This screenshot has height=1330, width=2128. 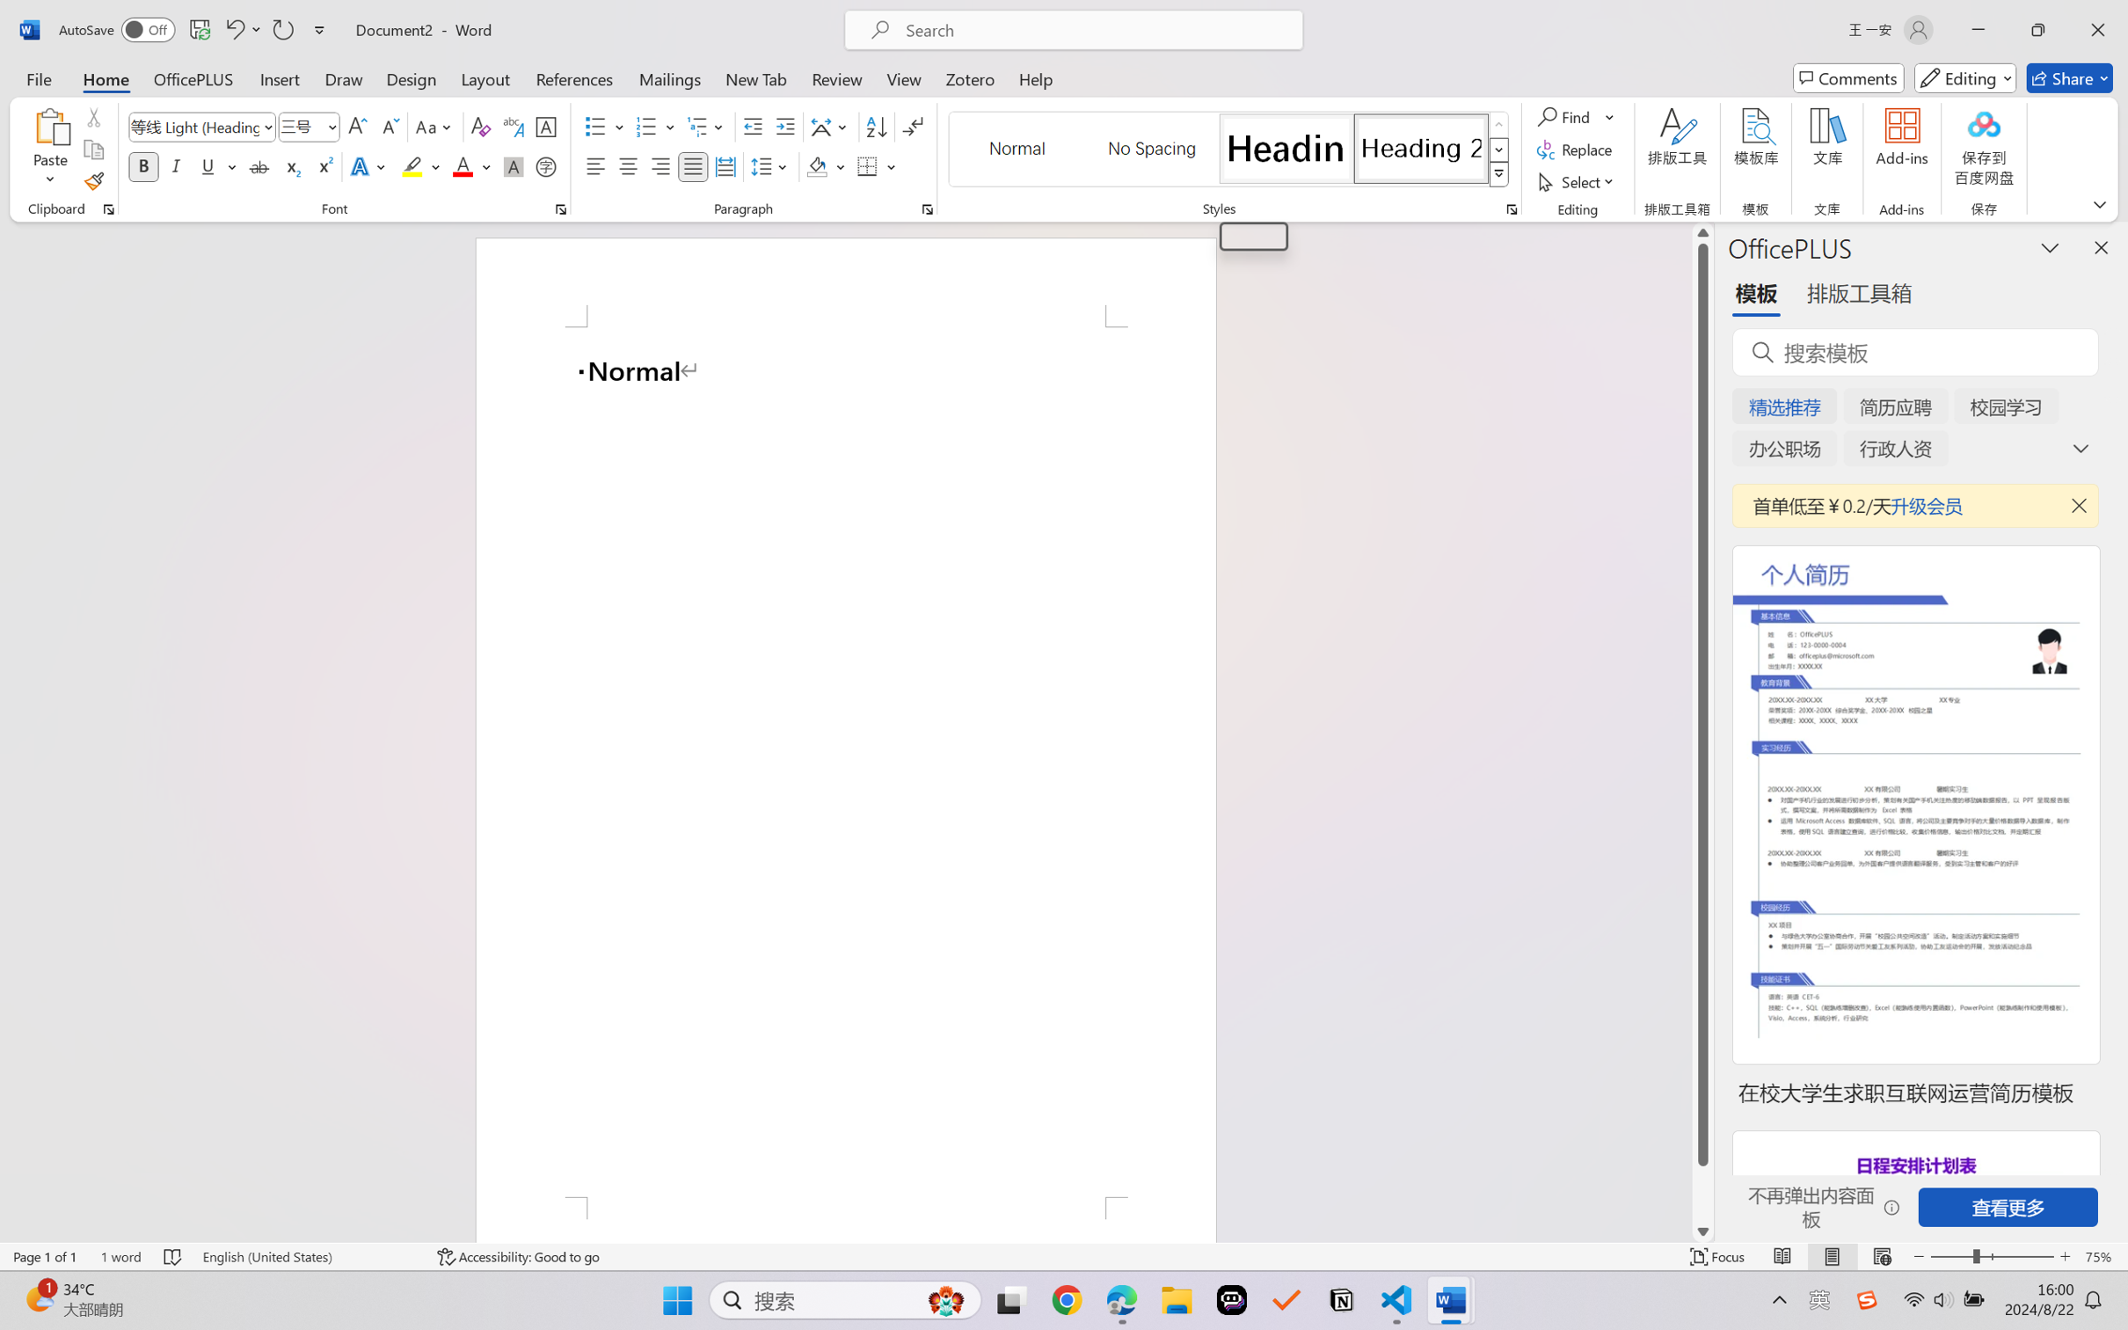 I want to click on 'Repeat Doc Close', so click(x=281, y=29).